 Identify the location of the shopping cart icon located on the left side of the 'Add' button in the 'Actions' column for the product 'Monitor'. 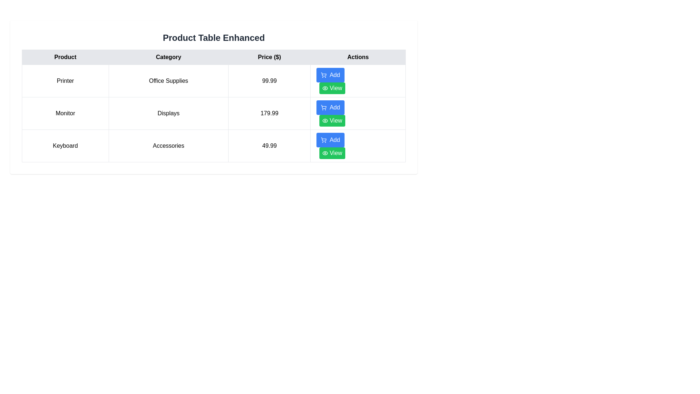
(323, 107).